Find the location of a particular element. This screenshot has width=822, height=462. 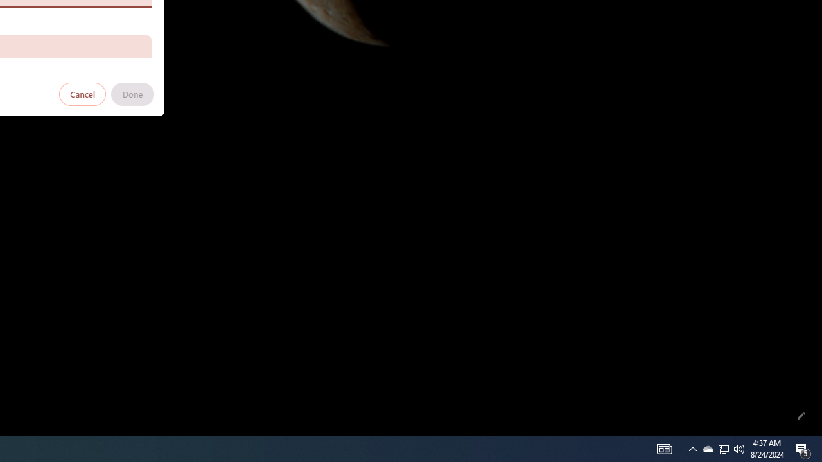

'Done' is located at coordinates (132, 93).